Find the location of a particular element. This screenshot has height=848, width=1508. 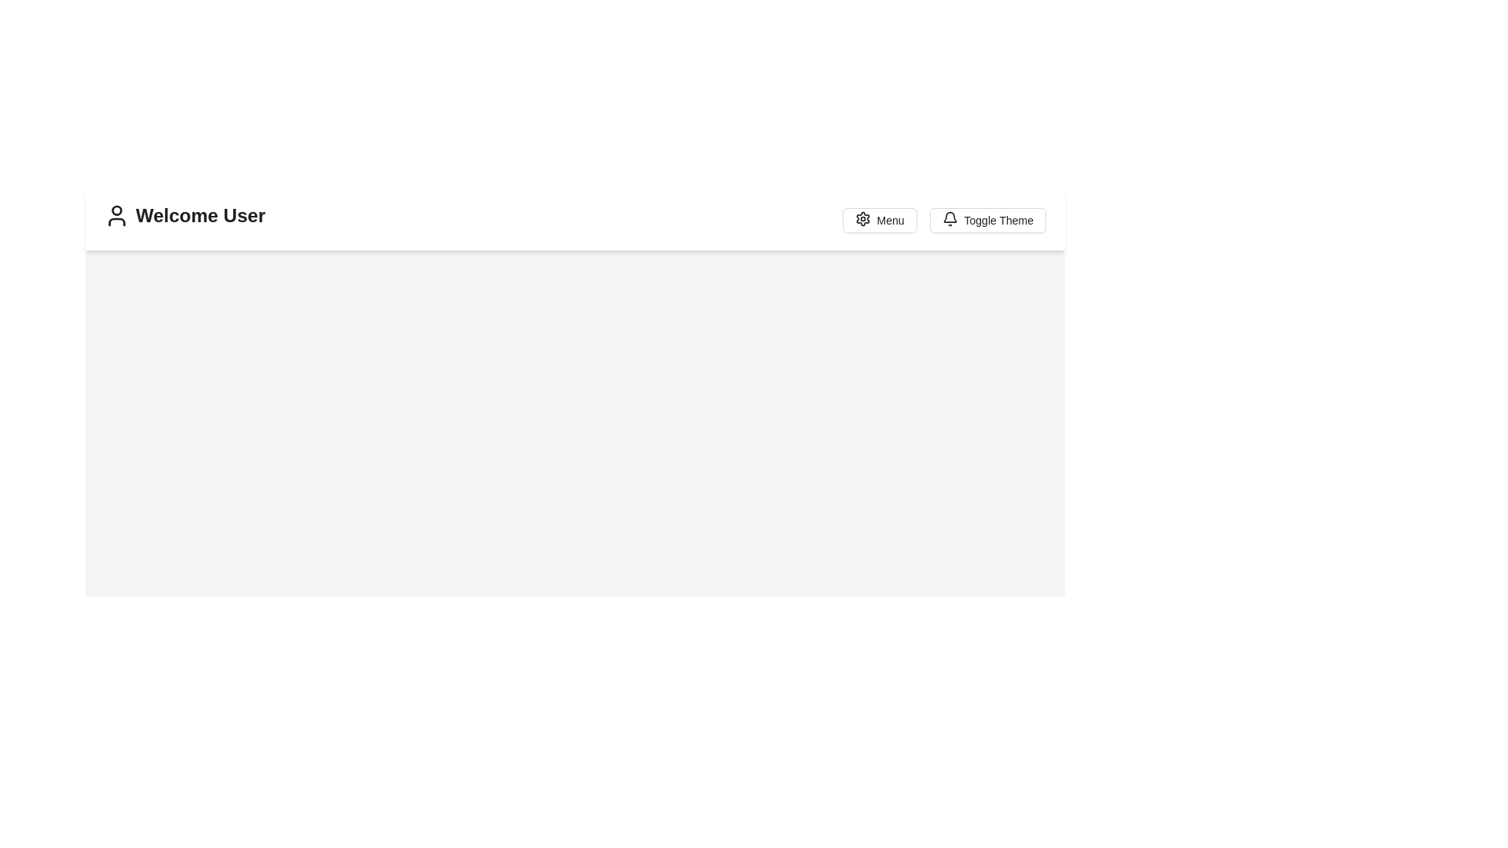

the decorative circle graphic that is part of the SVG user icon, located just above the 'Welcome User' label is located at coordinates (115, 209).